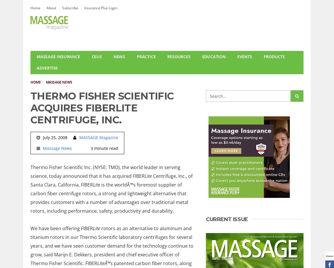 This screenshot has height=268, width=334. What do you see at coordinates (188, 101) in the screenshot?
I see `'Massage Creams'` at bounding box center [188, 101].